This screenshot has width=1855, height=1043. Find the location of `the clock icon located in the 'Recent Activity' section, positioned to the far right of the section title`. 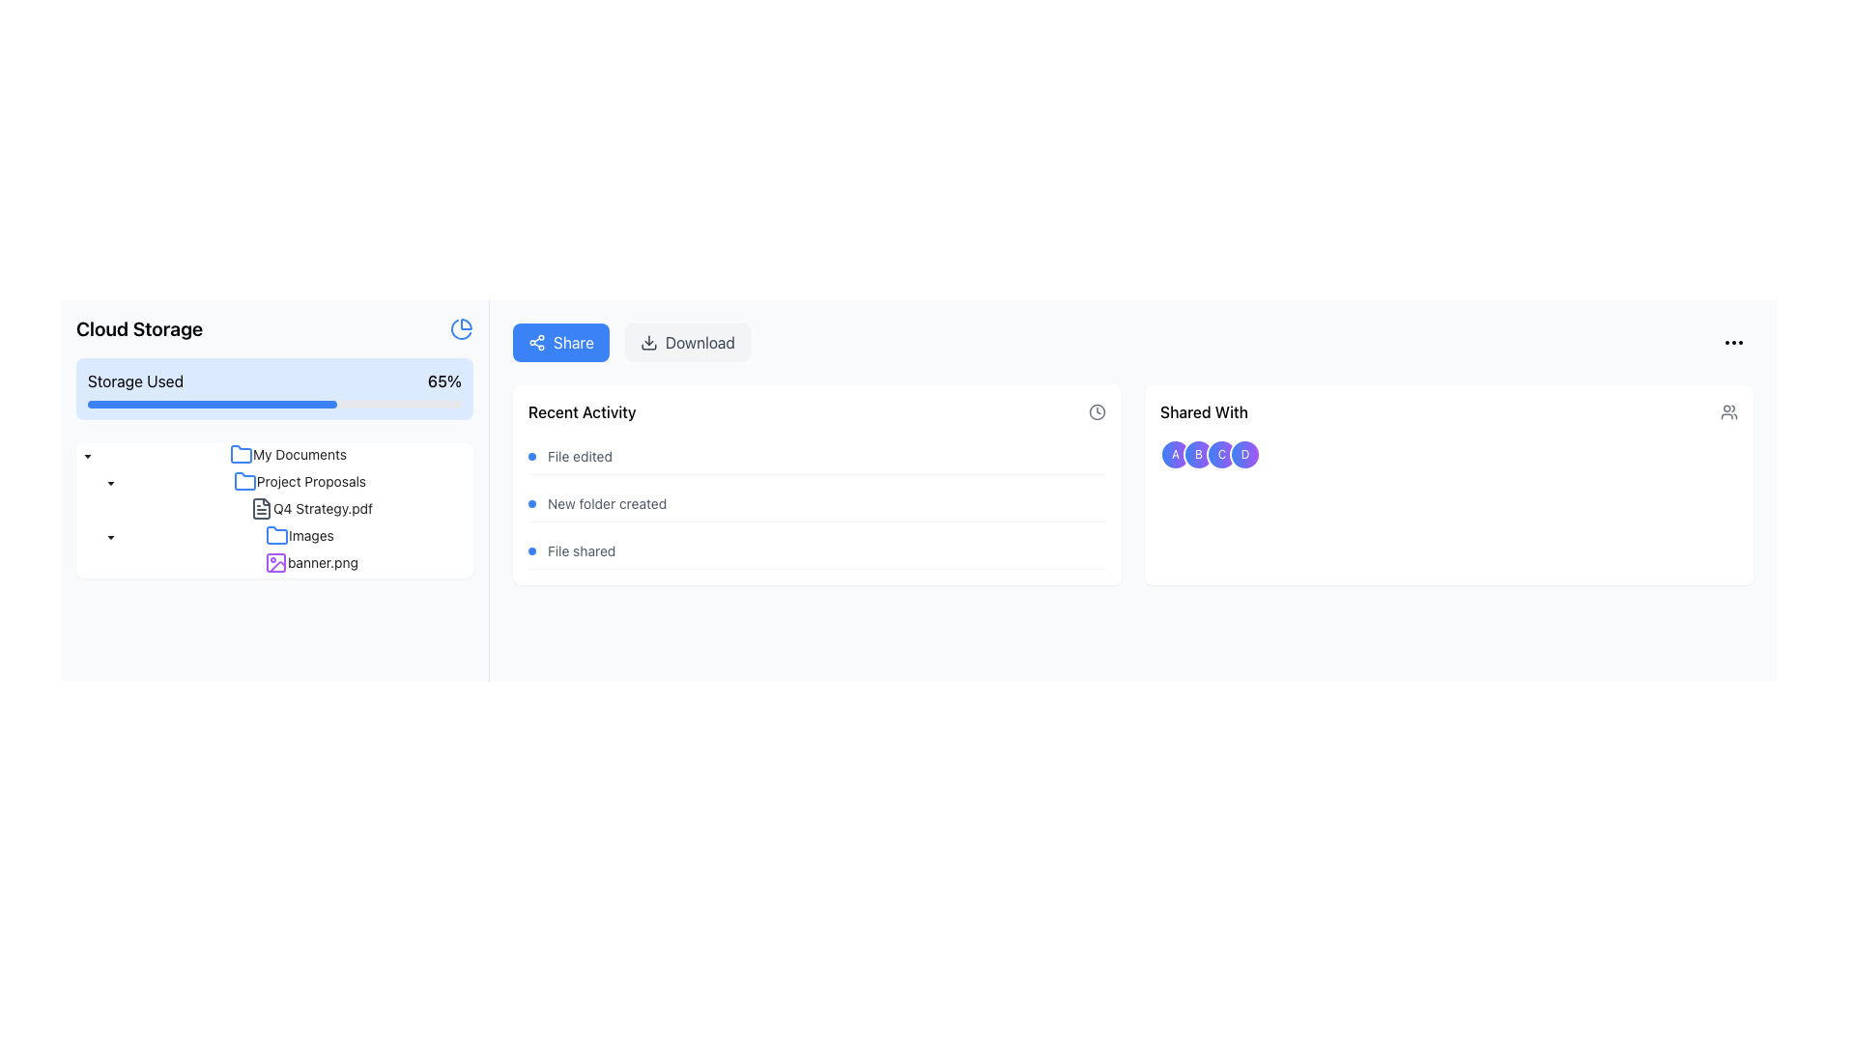

the clock icon located in the 'Recent Activity' section, positioned to the far right of the section title is located at coordinates (1098, 411).